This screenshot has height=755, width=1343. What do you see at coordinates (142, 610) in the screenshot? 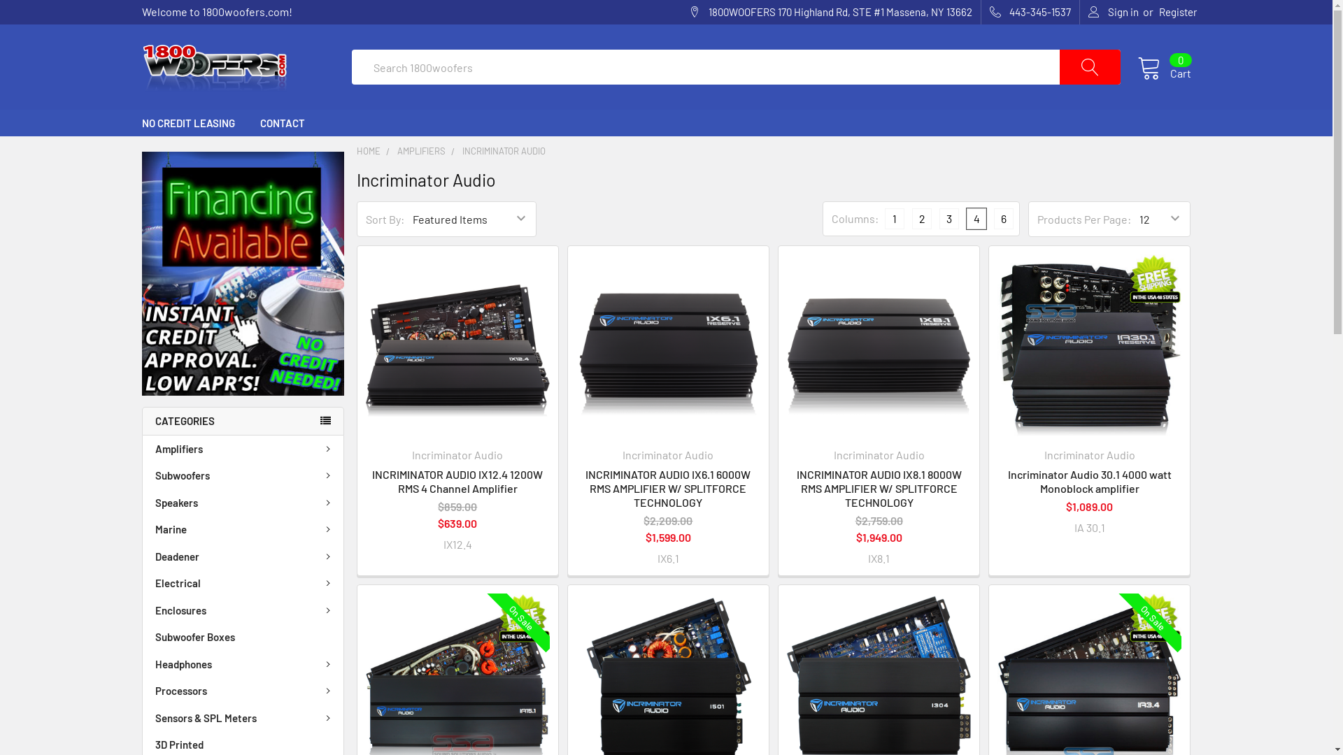
I see `'Enclosures'` at bounding box center [142, 610].